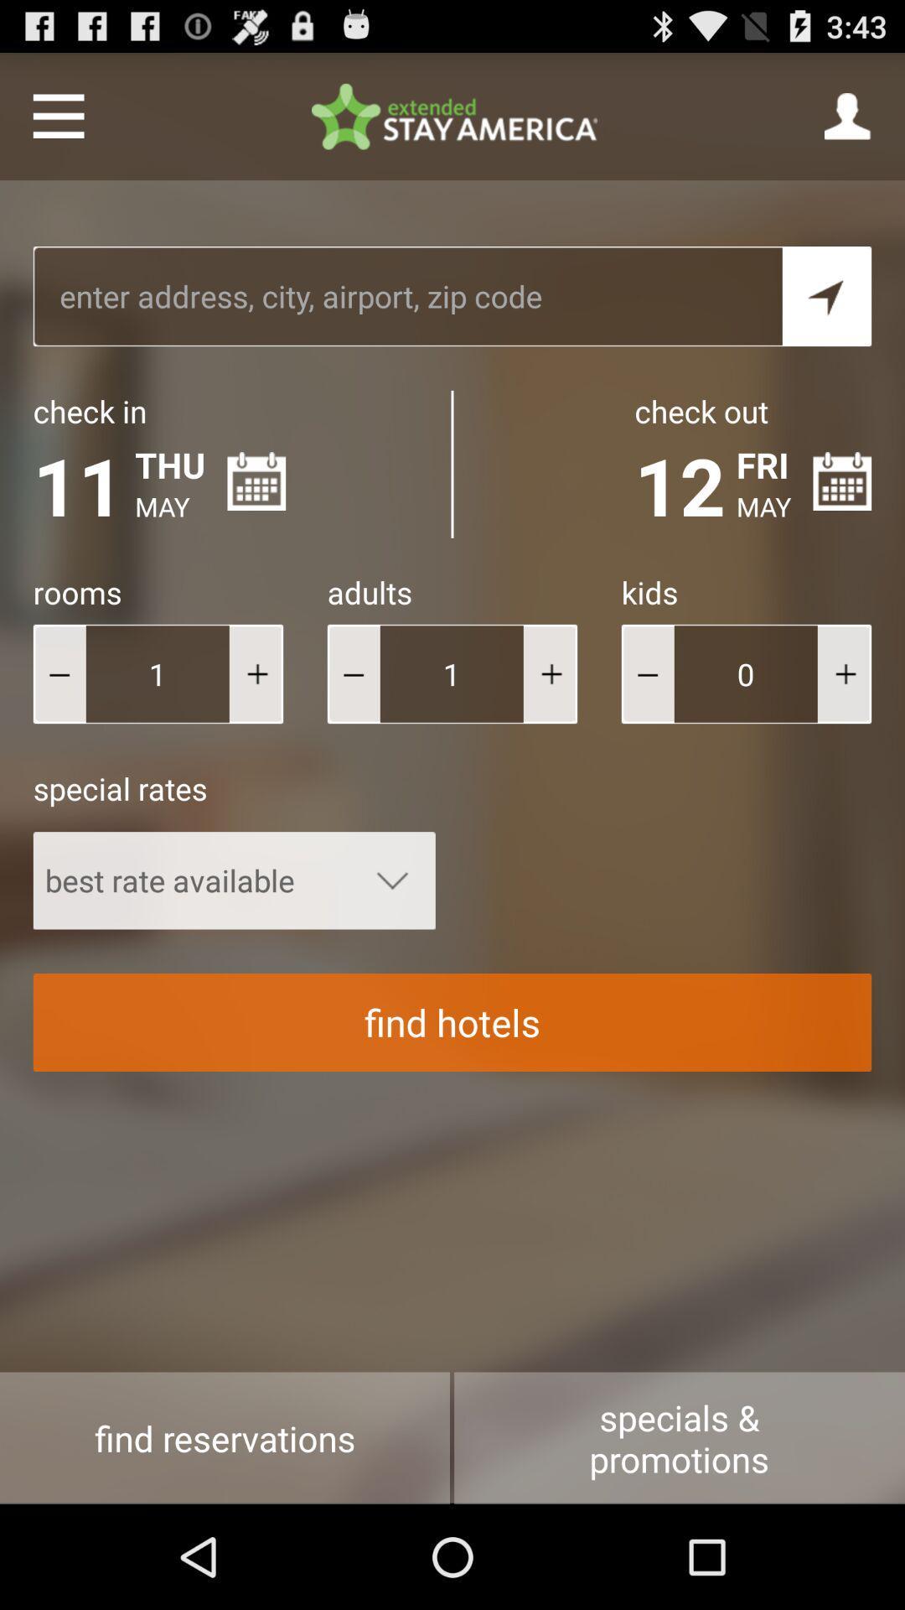  Describe the element at coordinates (826, 296) in the screenshot. I see `use location` at that location.